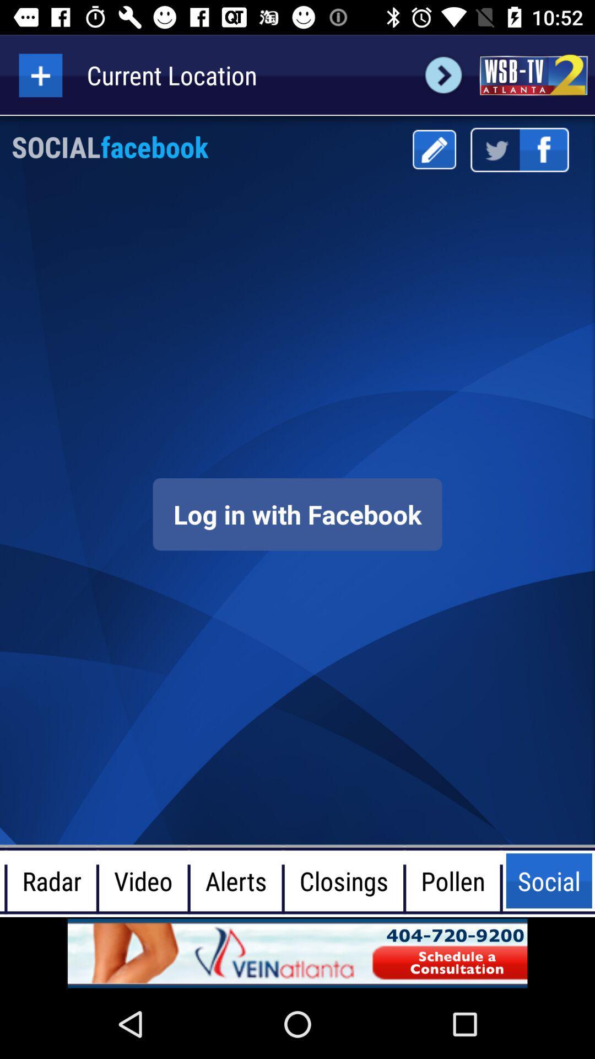 The height and width of the screenshot is (1059, 595). I want to click on location, so click(40, 74).